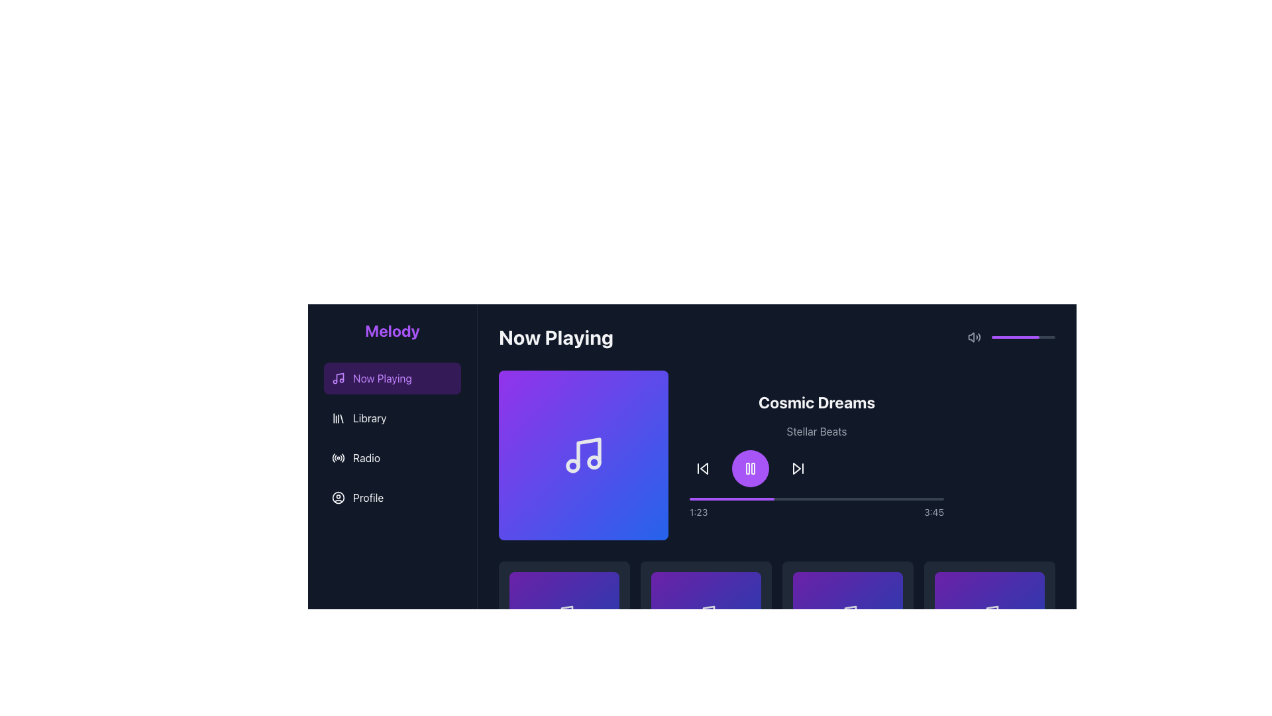 The height and width of the screenshot is (716, 1272). I want to click on the slider, so click(1035, 337).